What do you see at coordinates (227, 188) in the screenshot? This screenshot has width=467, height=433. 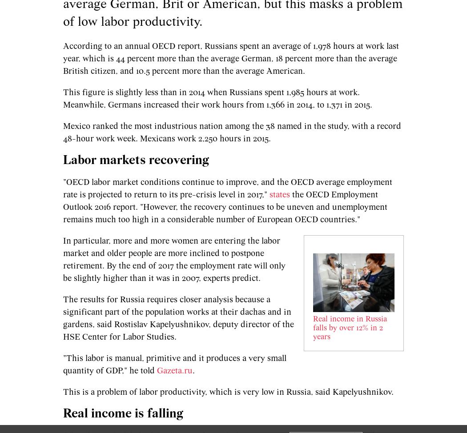 I see `'"OECD labor market conditions continue to improve, and the OECD average employment rate is projected to return to its pre-crisis level in 2017,"'` at bounding box center [227, 188].